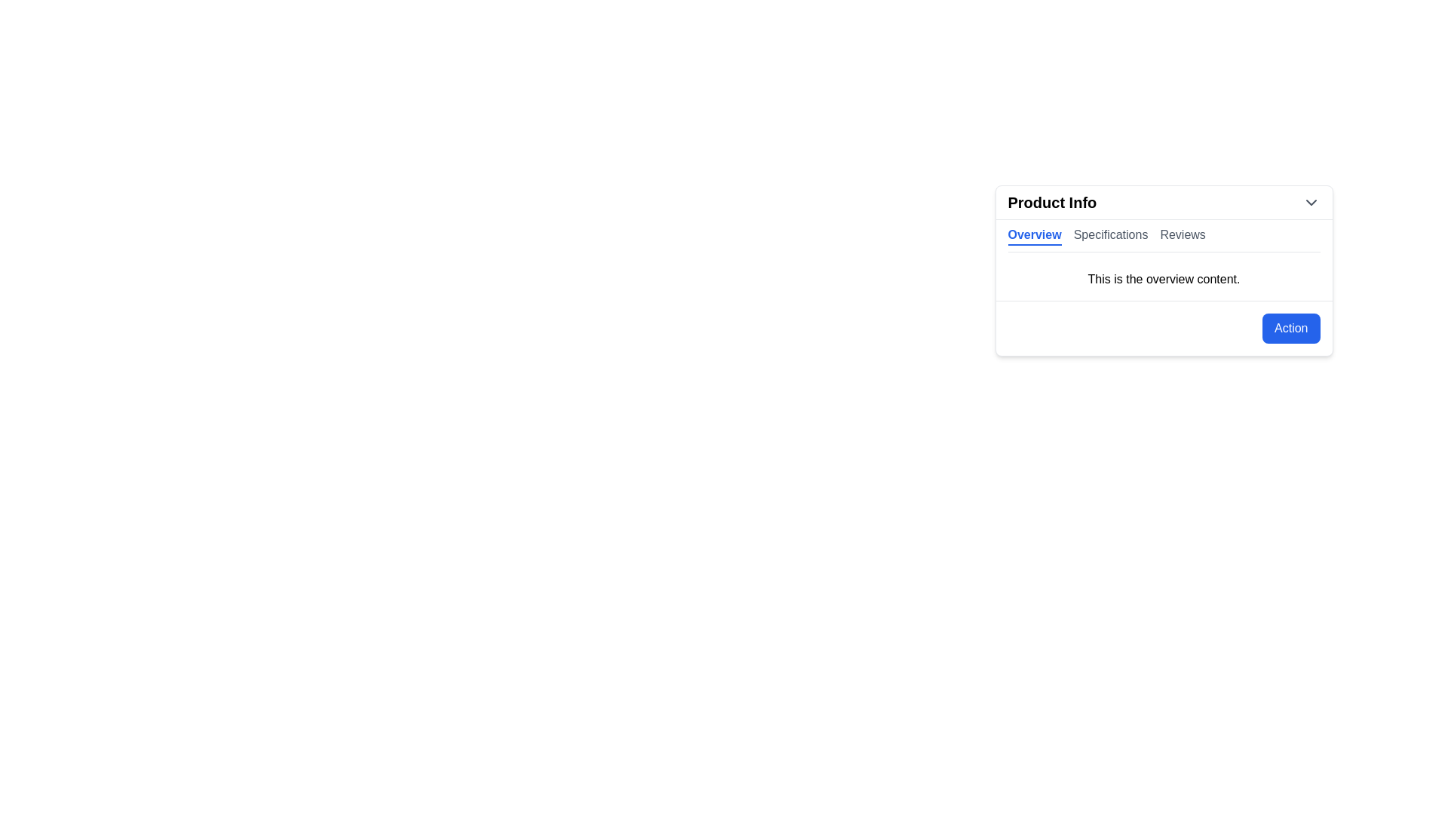  Describe the element at coordinates (1111, 235) in the screenshot. I see `the middle Tab label in the horizontal navigation bar, which is positioned between the 'Overview' and 'Reviews' elements` at that location.